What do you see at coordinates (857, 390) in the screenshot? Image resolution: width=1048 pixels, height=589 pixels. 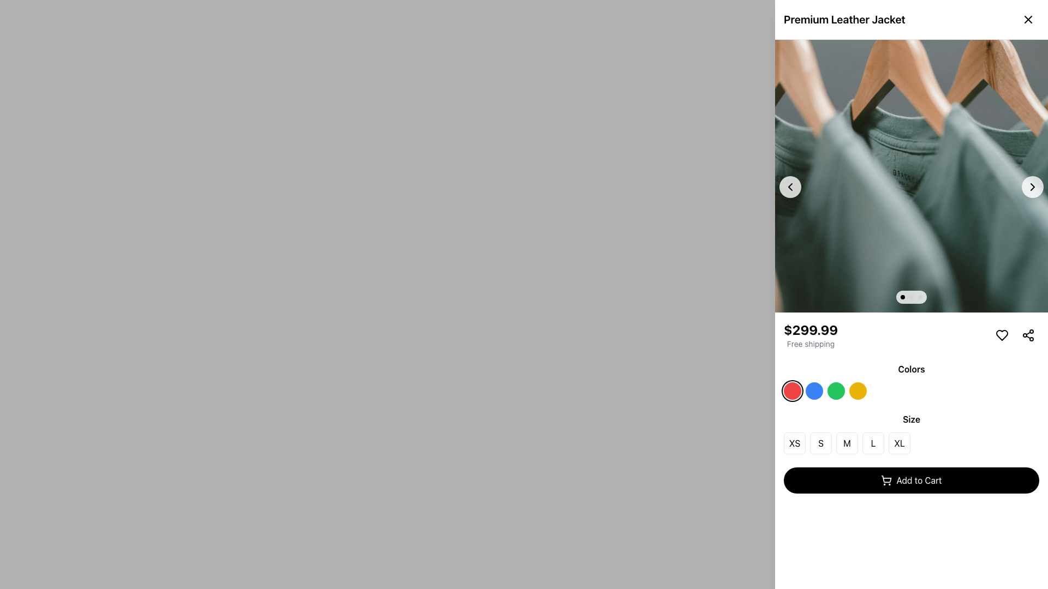 I see `the fourth selectable circle indicator that allows users to choose a color option` at bounding box center [857, 390].